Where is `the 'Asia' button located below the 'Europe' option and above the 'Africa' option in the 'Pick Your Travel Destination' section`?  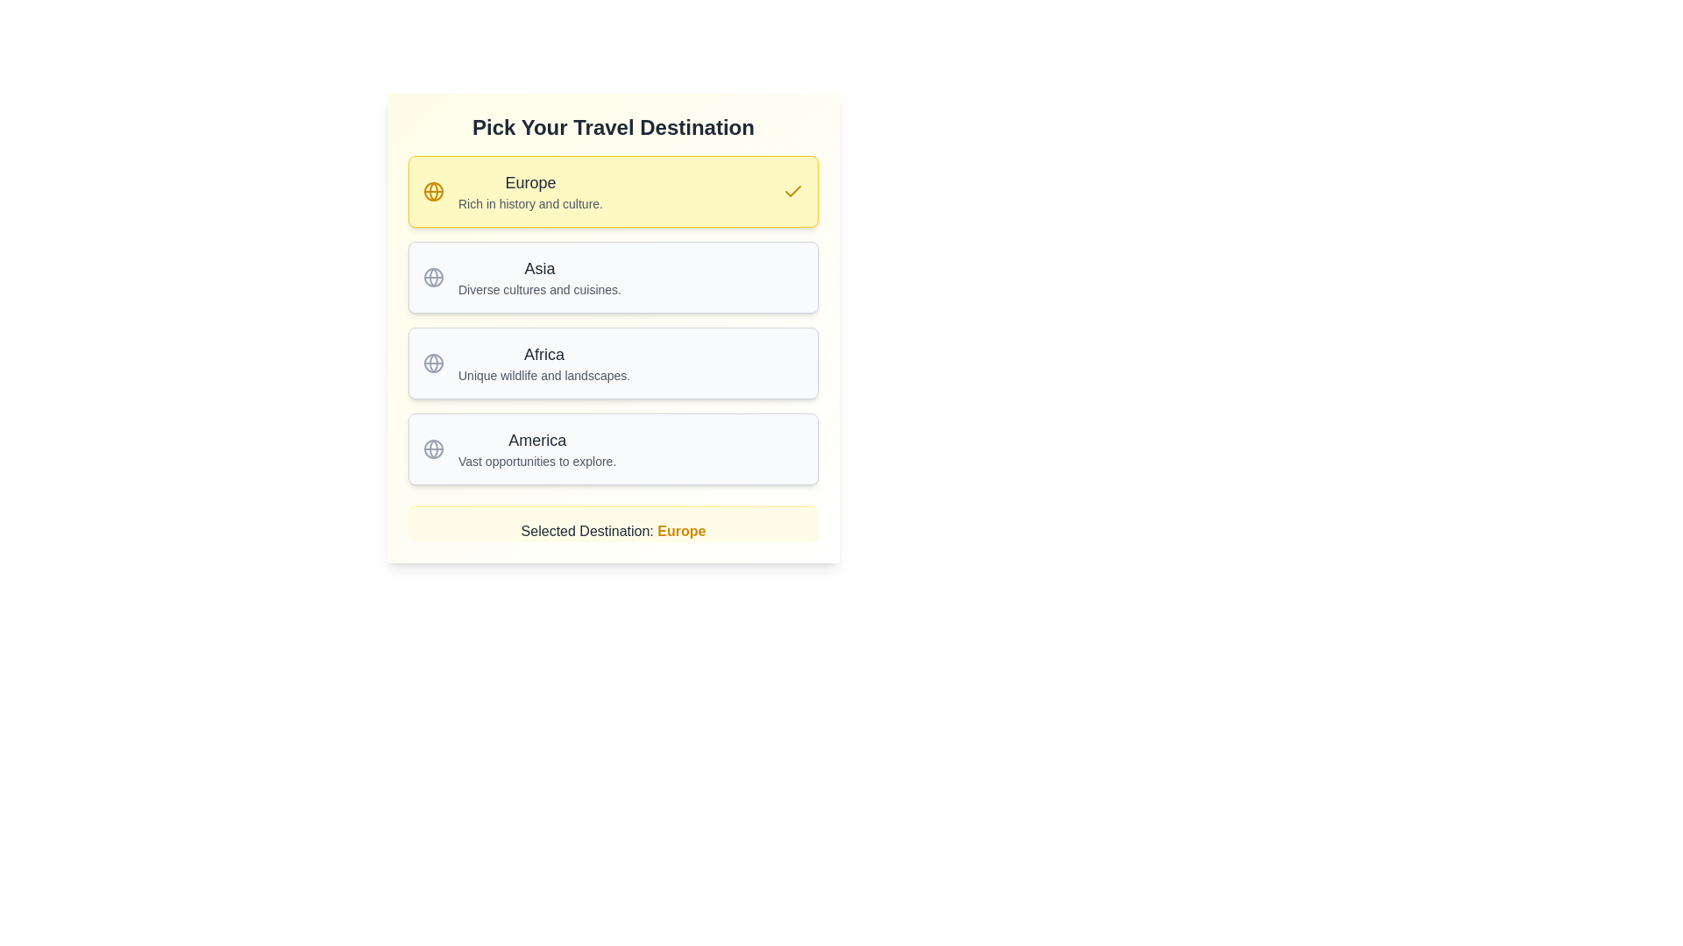 the 'Asia' button located below the 'Europe' option and above the 'Africa' option in the 'Pick Your Travel Destination' section is located at coordinates (614, 276).